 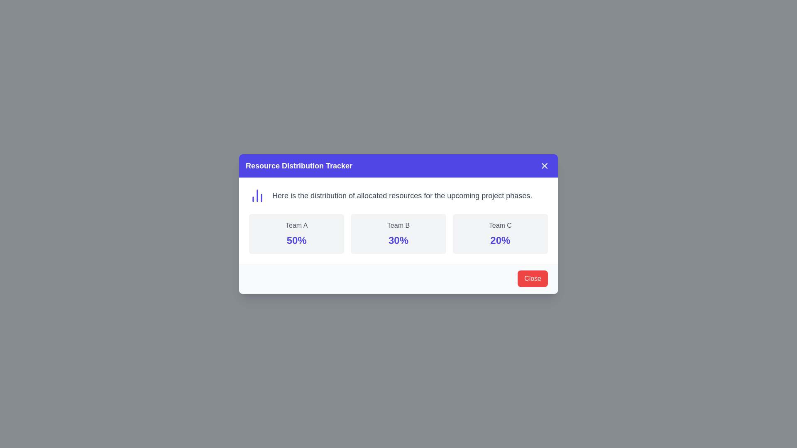 What do you see at coordinates (533, 278) in the screenshot?
I see `the close button located in the bottom-right area of the dialog box to observe its hover effects` at bounding box center [533, 278].